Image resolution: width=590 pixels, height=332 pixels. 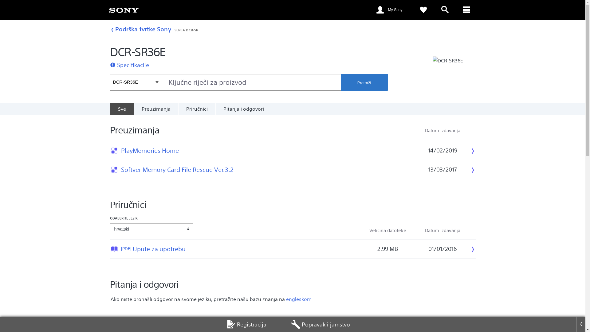 I want to click on 'DCR-SR36E', so click(x=110, y=81).